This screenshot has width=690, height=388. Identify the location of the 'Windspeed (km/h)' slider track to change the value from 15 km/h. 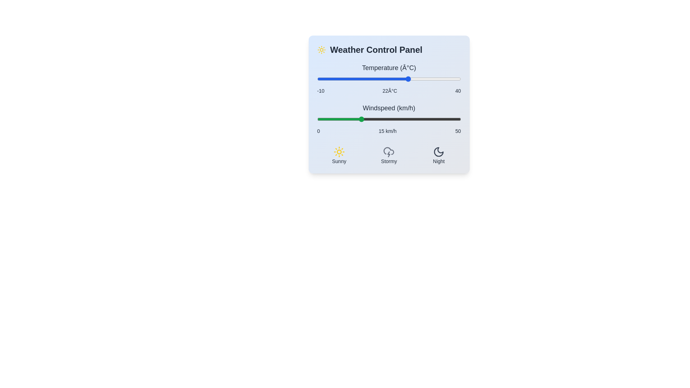
(388, 119).